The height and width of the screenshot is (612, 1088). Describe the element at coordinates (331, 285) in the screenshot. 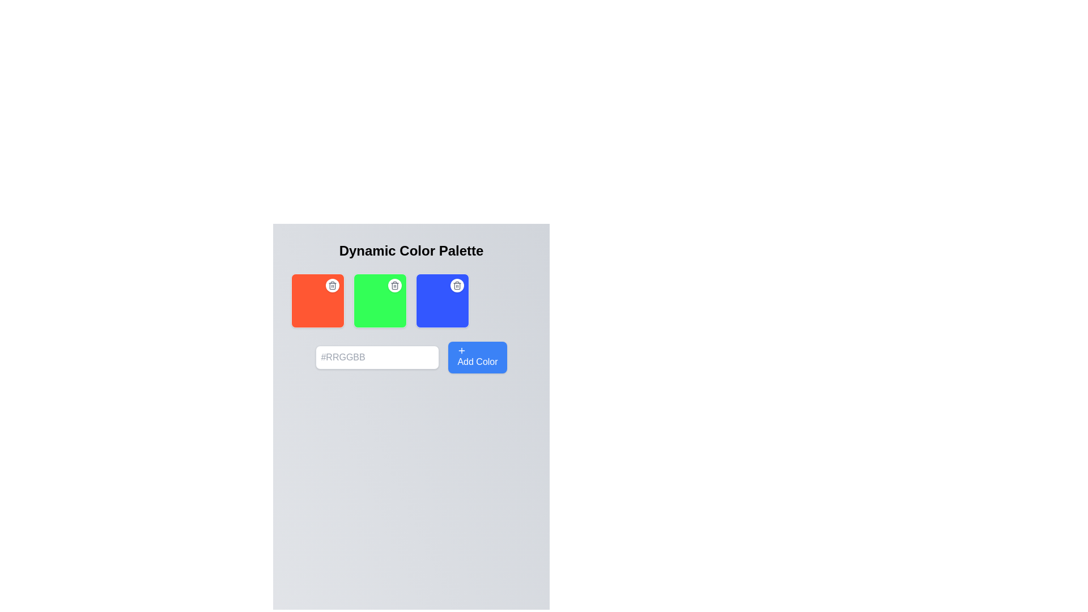

I see `the round delete button with a trash can icon located in the top-right corner of the red section` at that location.